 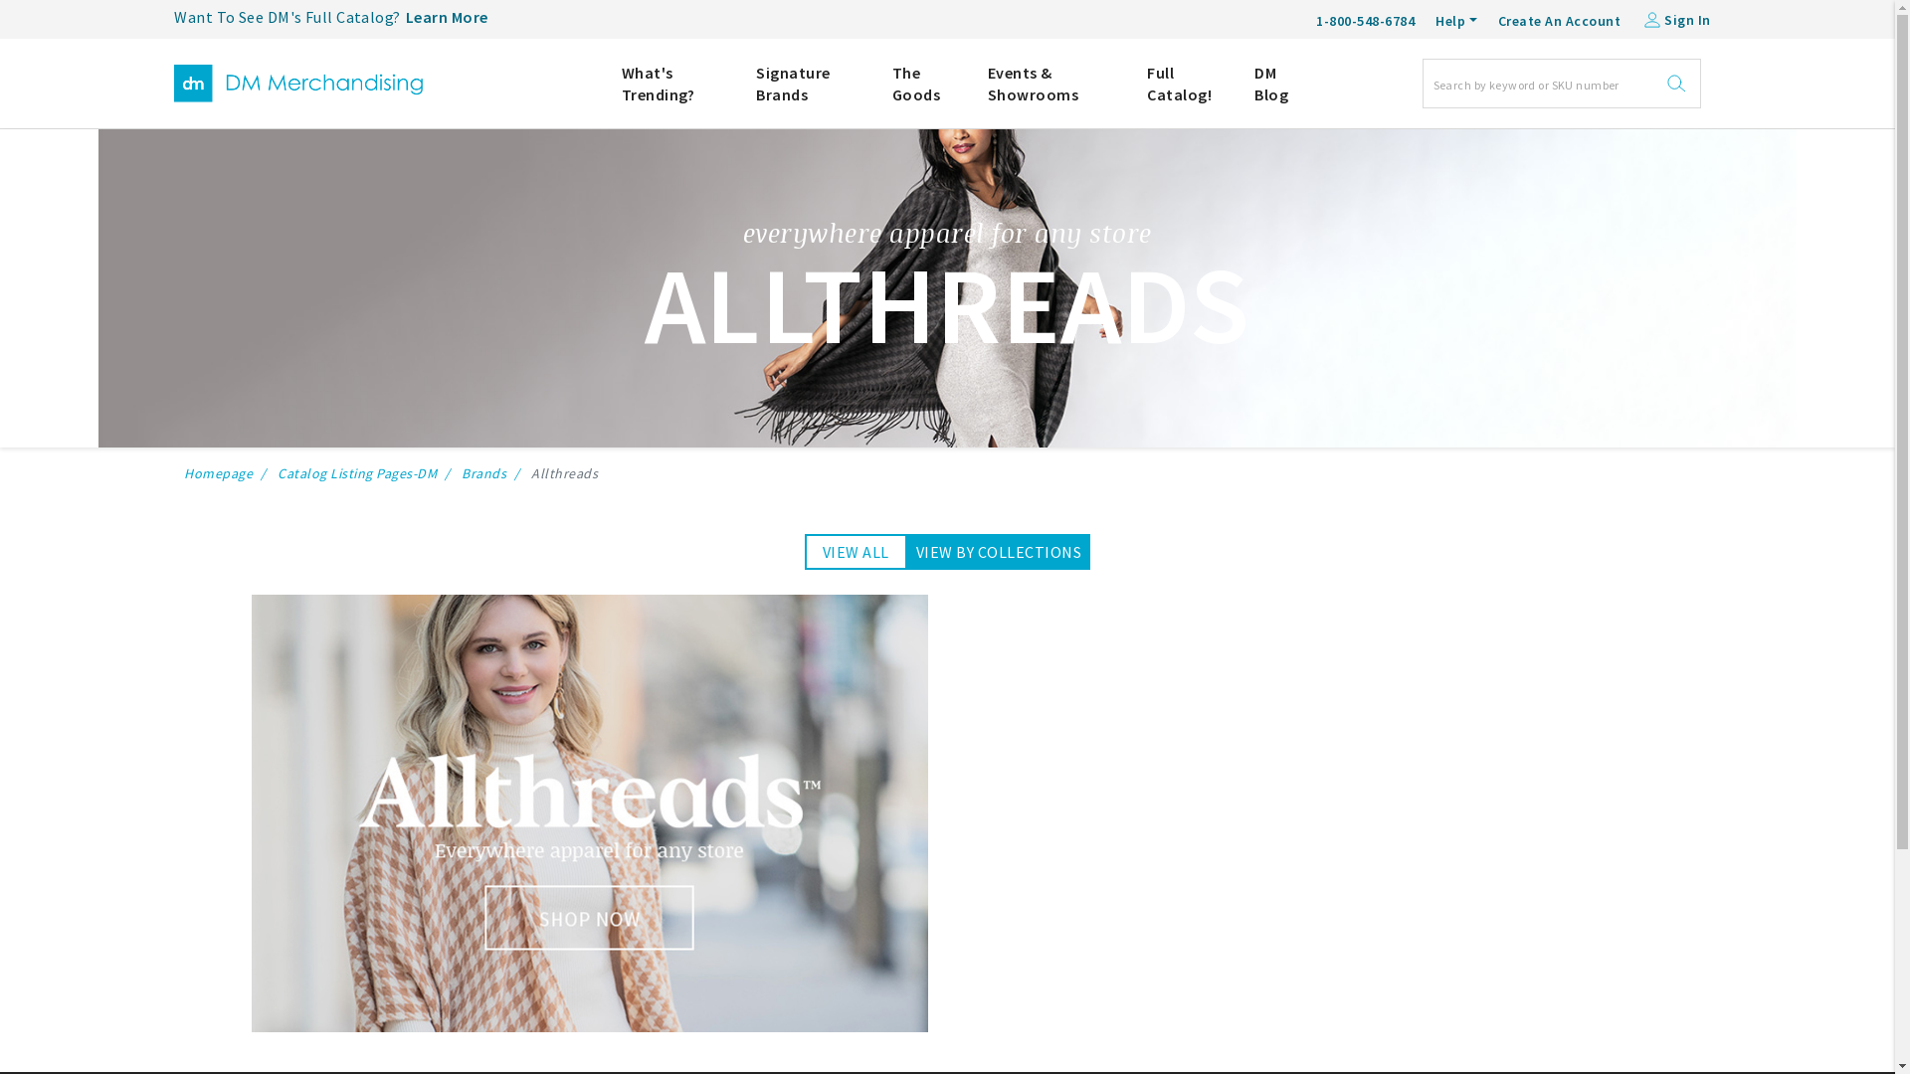 What do you see at coordinates (483, 472) in the screenshot?
I see `'Brands'` at bounding box center [483, 472].